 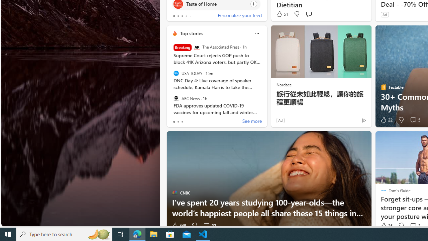 What do you see at coordinates (386, 226) in the screenshot?
I see `'36 Like'` at bounding box center [386, 226].